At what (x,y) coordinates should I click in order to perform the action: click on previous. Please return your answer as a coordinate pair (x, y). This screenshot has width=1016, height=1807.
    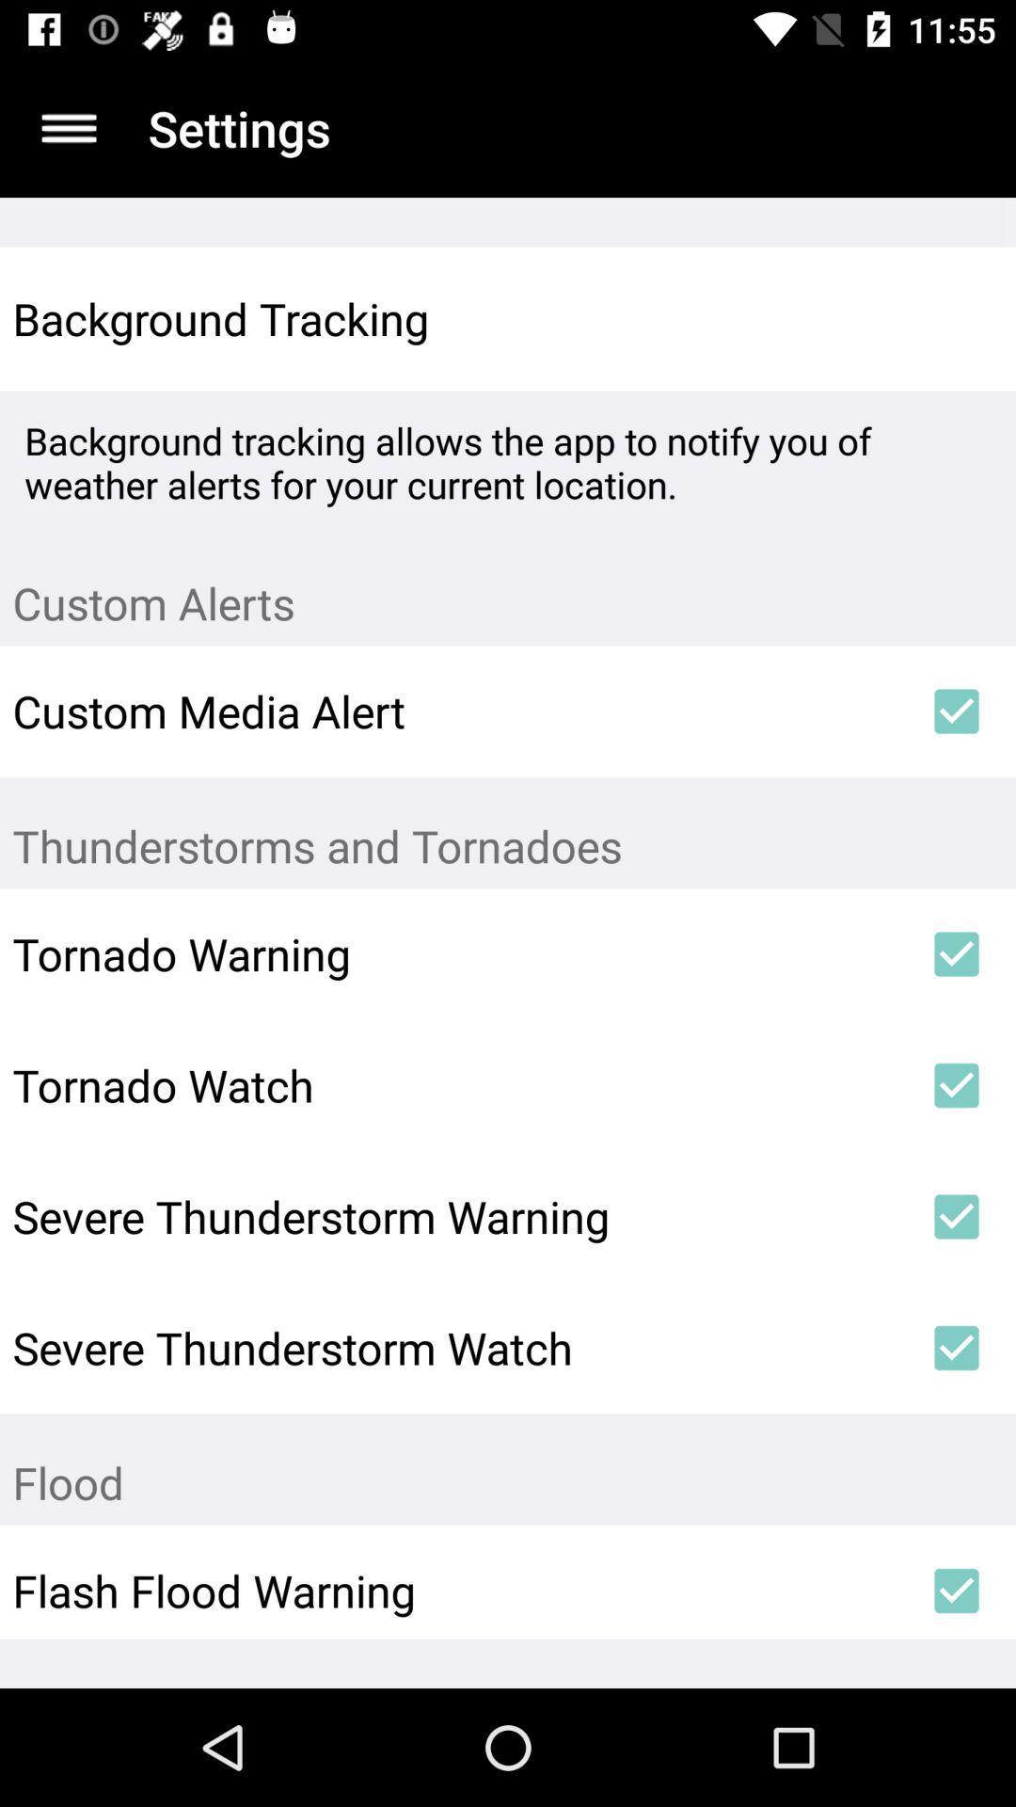
    Looking at the image, I should click on (68, 127).